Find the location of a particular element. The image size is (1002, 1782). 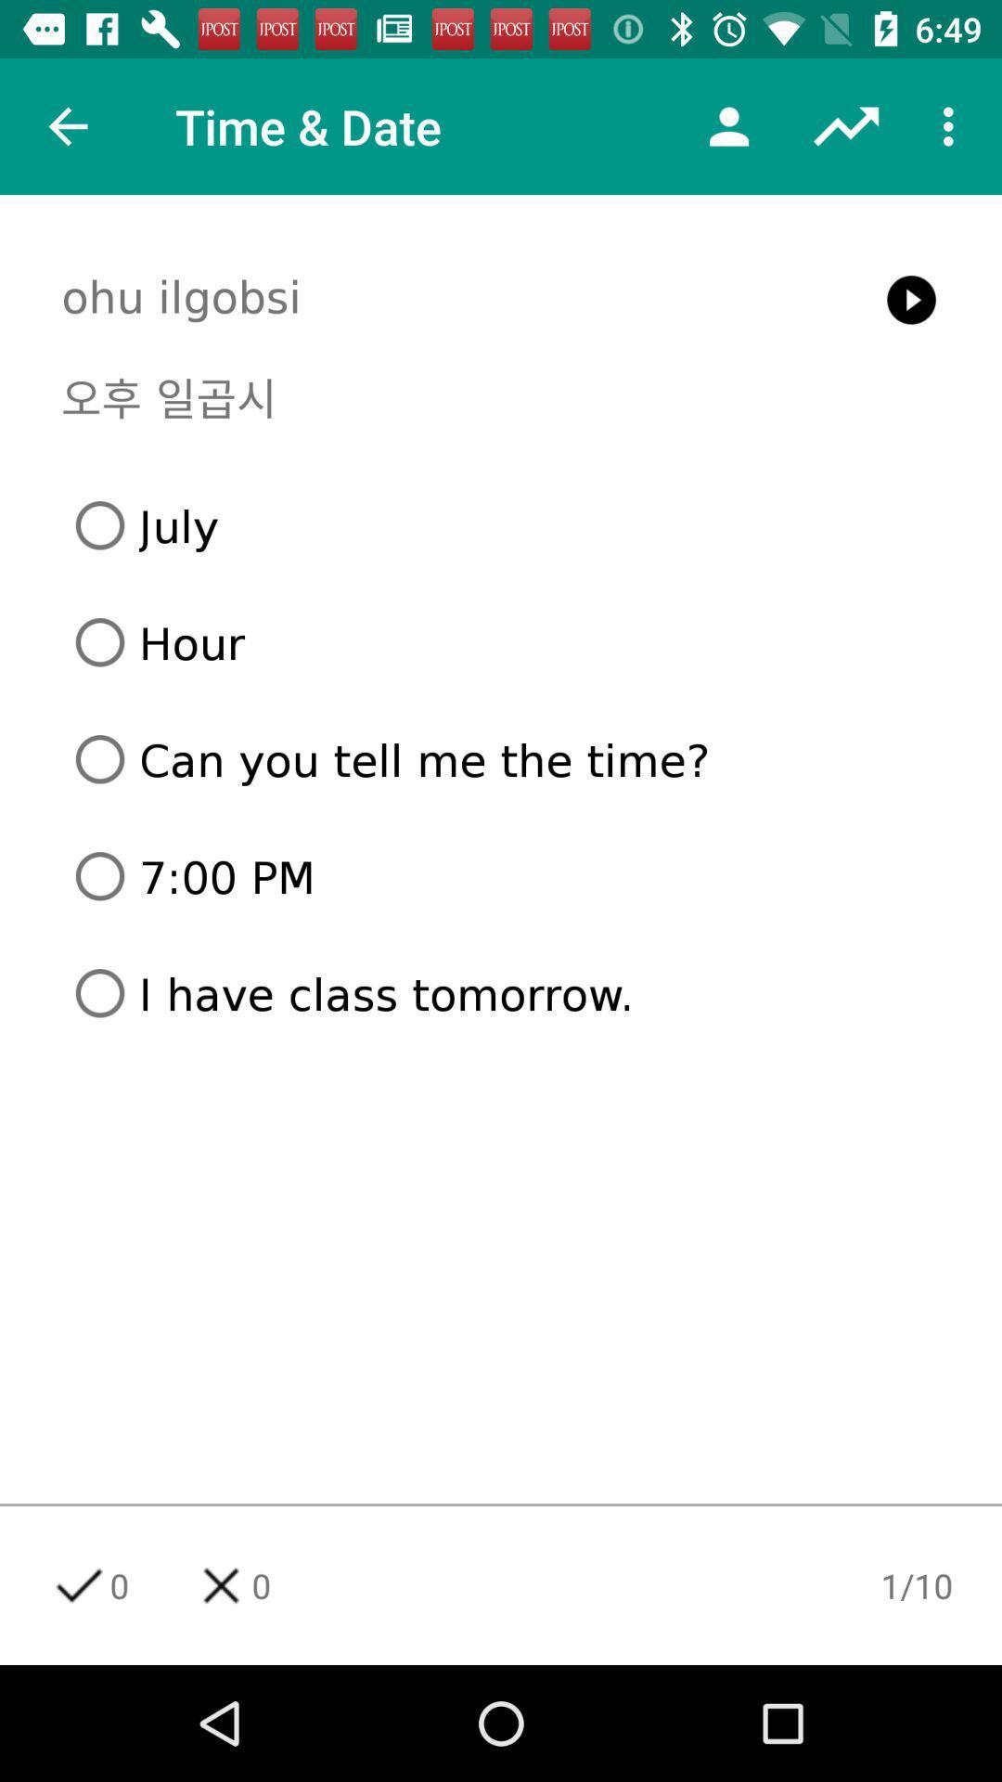

the icon to the right of the time & date is located at coordinates (728, 125).